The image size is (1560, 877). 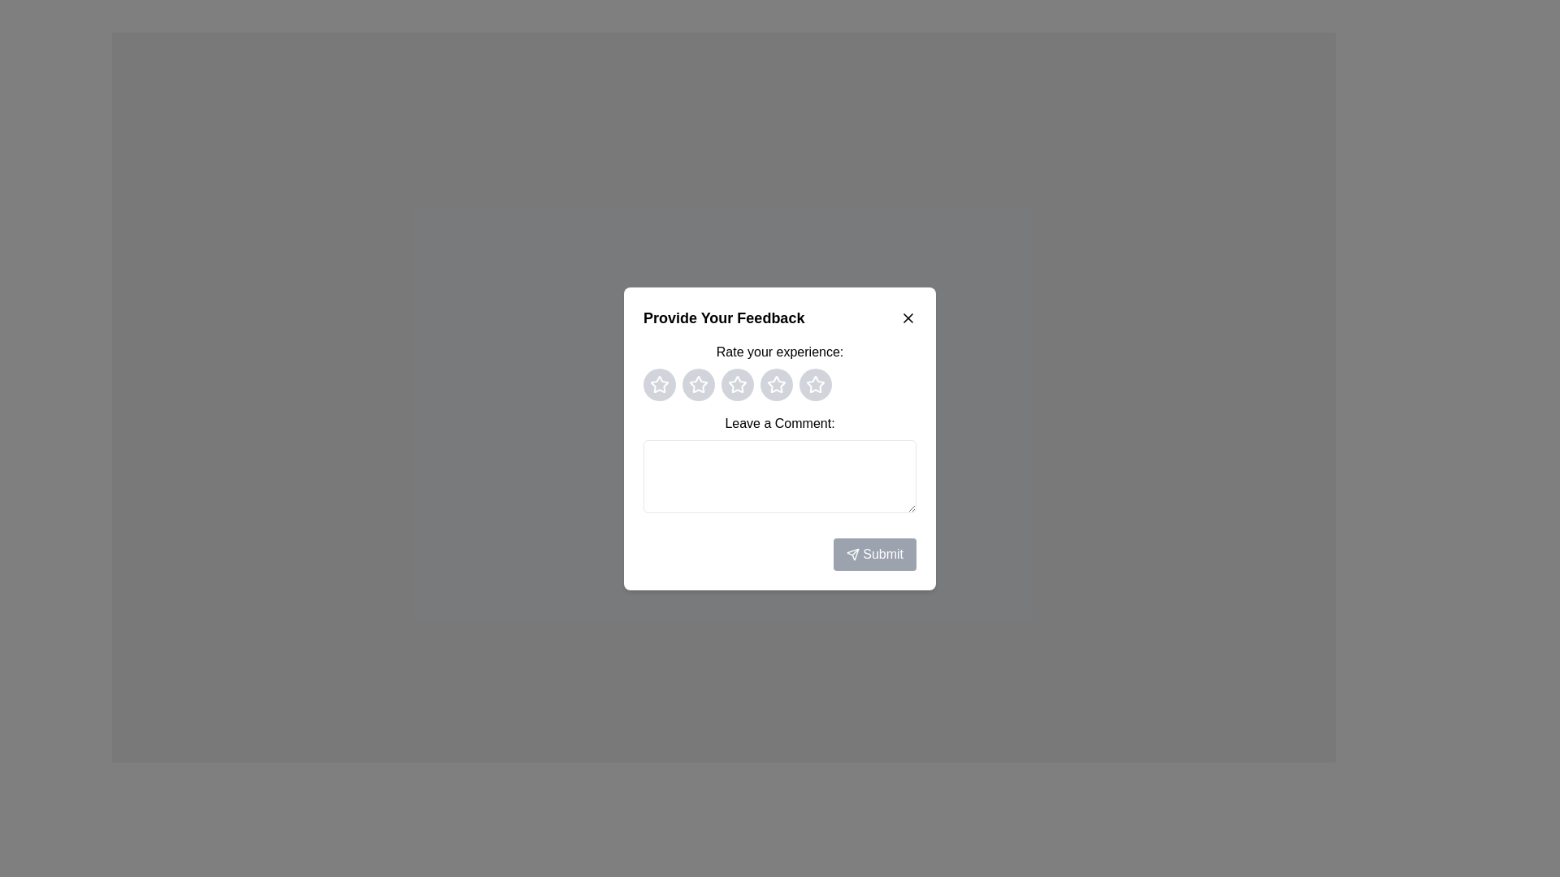 What do you see at coordinates (775, 384) in the screenshot?
I see `the fourth star button in the rating system located at the center of the feedback modal` at bounding box center [775, 384].